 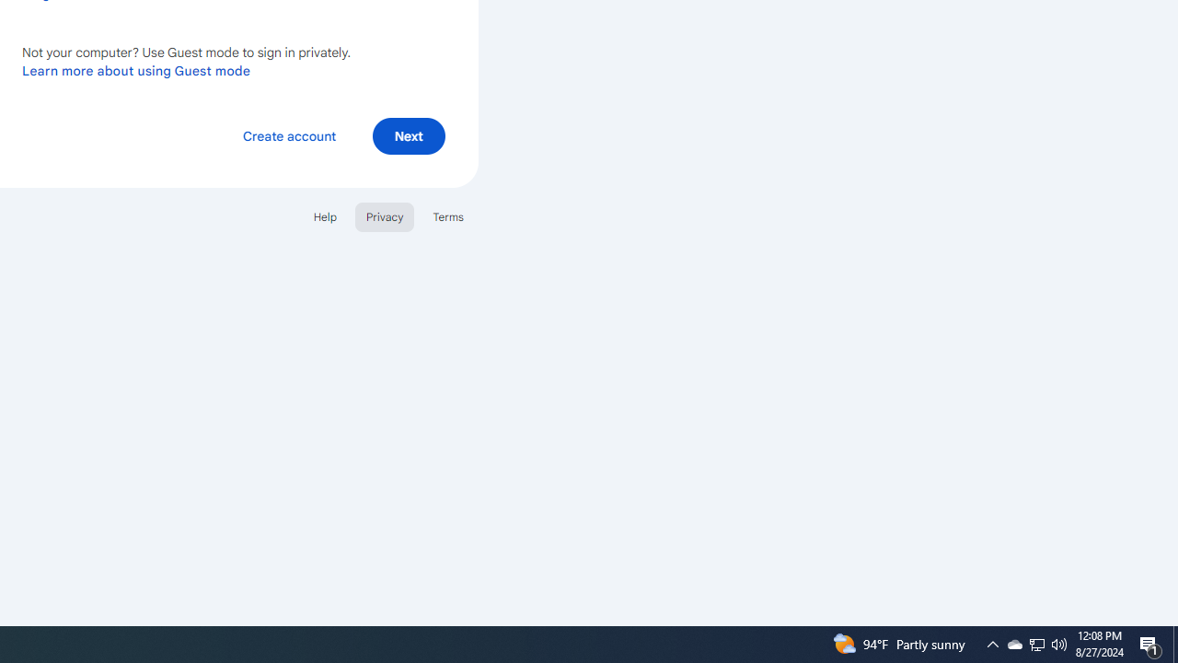 I want to click on 'Terms', so click(x=448, y=215).